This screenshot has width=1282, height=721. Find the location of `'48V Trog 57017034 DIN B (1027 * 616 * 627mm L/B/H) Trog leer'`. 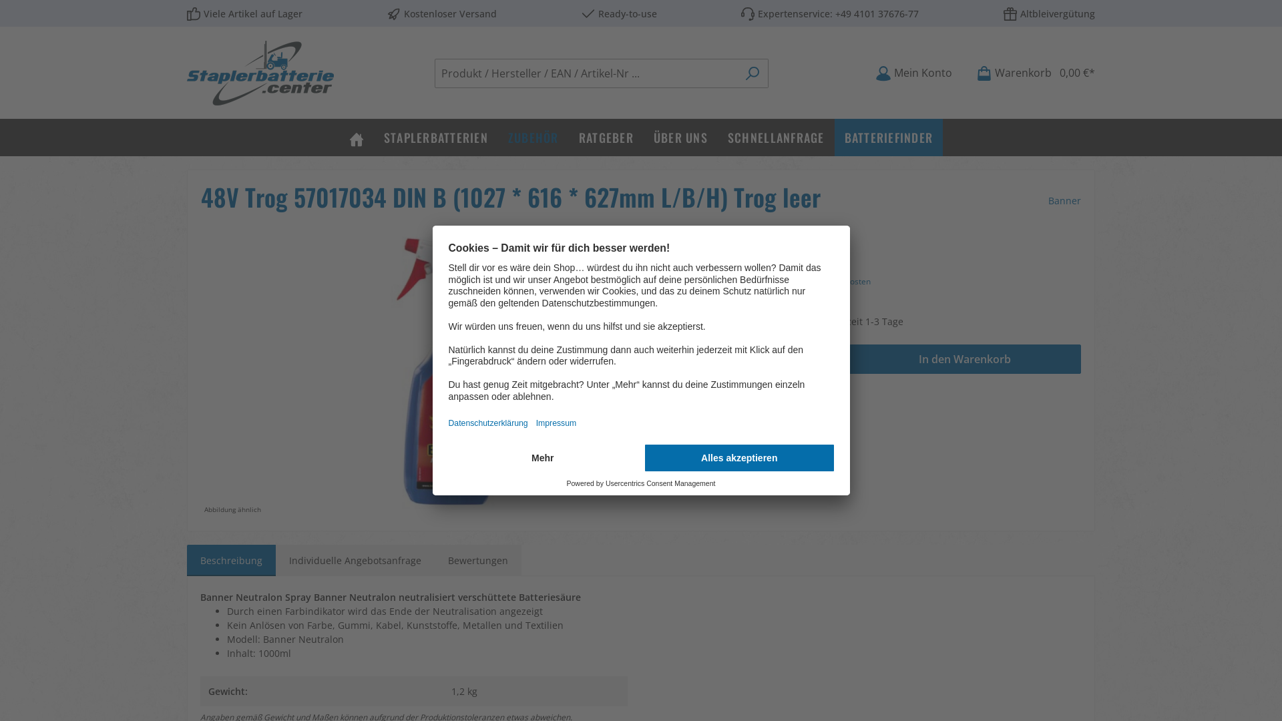

'48V Trog 57017034 DIN B (1027 * 616 * 627mm L/B/H) Trog leer' is located at coordinates (451, 373).